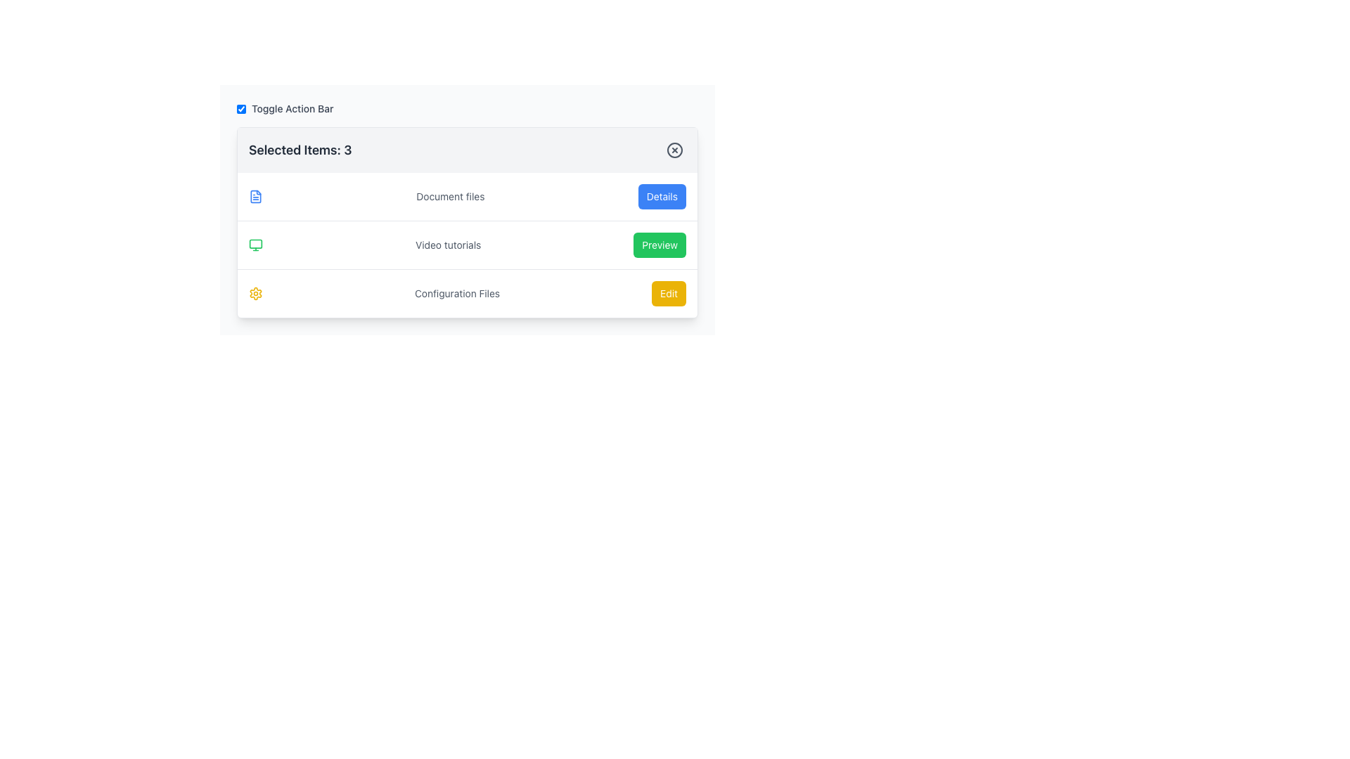 This screenshot has height=759, width=1350. I want to click on the settings icon located on the left side of the 'Configuration Files' row, which serves as an indicator for configuration settings, so click(256, 292).